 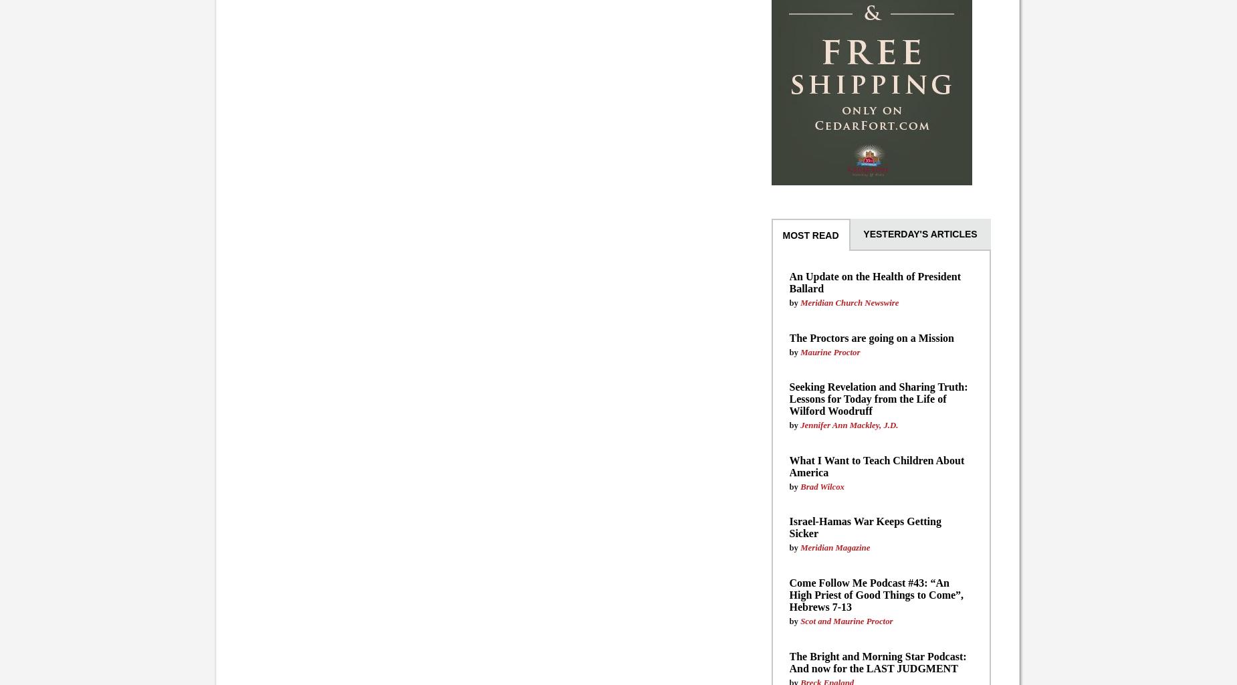 I want to click on 'An Update on the Health of President Ballard', so click(x=874, y=282).